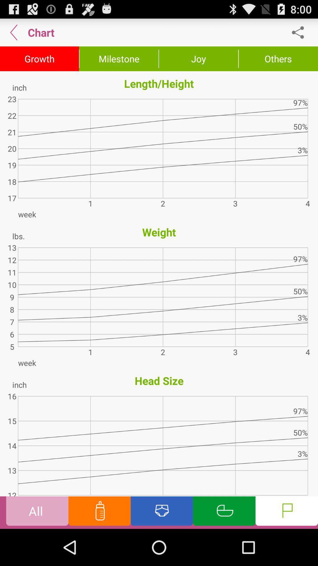 The width and height of the screenshot is (318, 566). I want to click on the growth icon, so click(39, 59).